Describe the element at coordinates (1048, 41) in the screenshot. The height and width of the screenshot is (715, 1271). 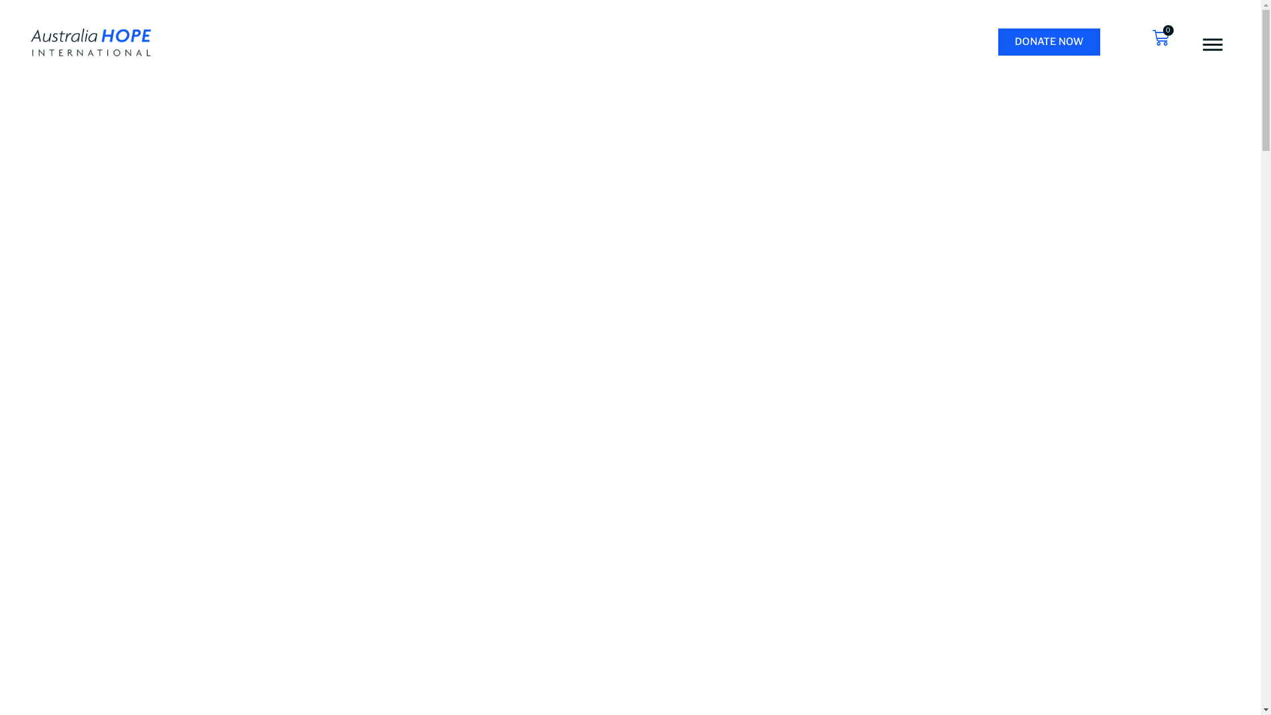
I see `'DONATE NOW'` at that location.